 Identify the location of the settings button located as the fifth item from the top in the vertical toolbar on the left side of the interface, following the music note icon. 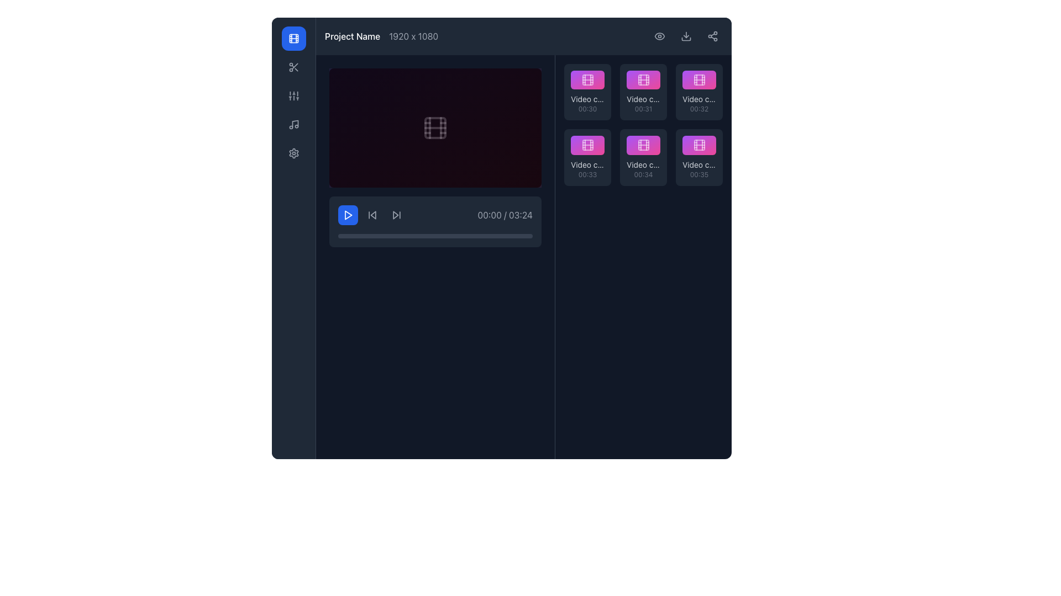
(293, 153).